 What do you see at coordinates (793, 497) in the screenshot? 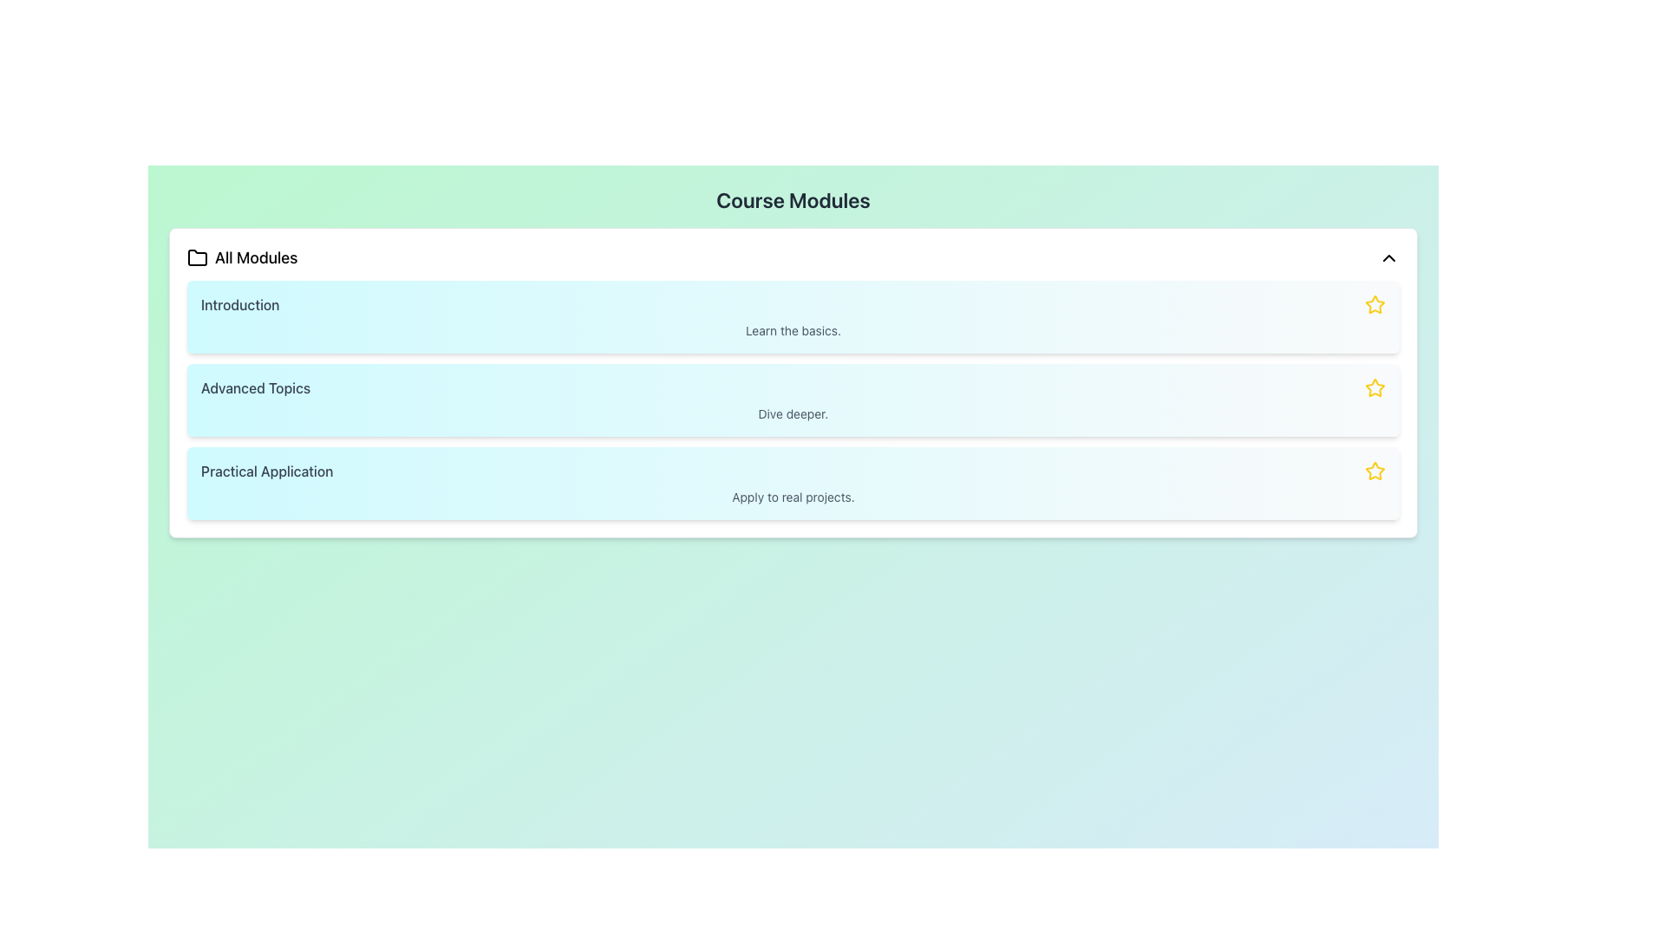
I see `the Text label that provides a description for the 'Practical Application' section, located at the bottom of the vertically stacked list` at bounding box center [793, 497].